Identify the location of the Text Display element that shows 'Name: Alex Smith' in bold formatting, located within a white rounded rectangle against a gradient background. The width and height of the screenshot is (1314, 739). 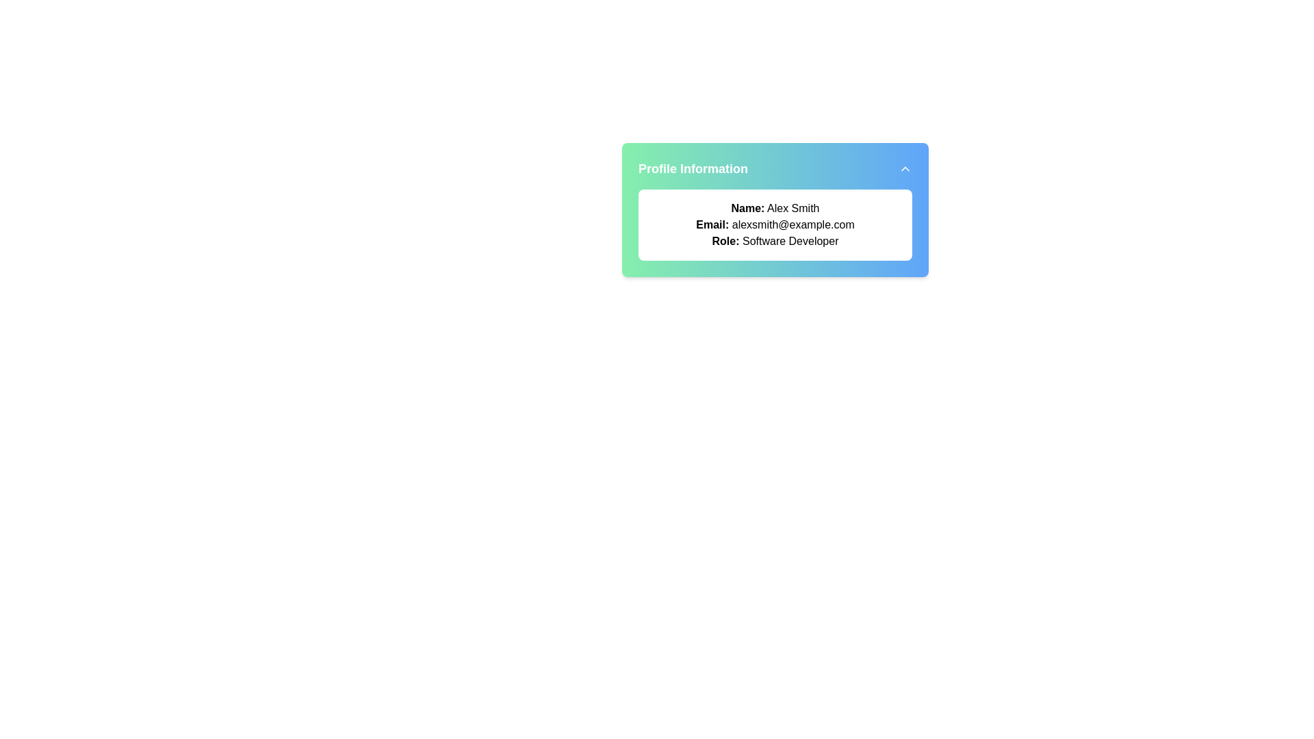
(775, 208).